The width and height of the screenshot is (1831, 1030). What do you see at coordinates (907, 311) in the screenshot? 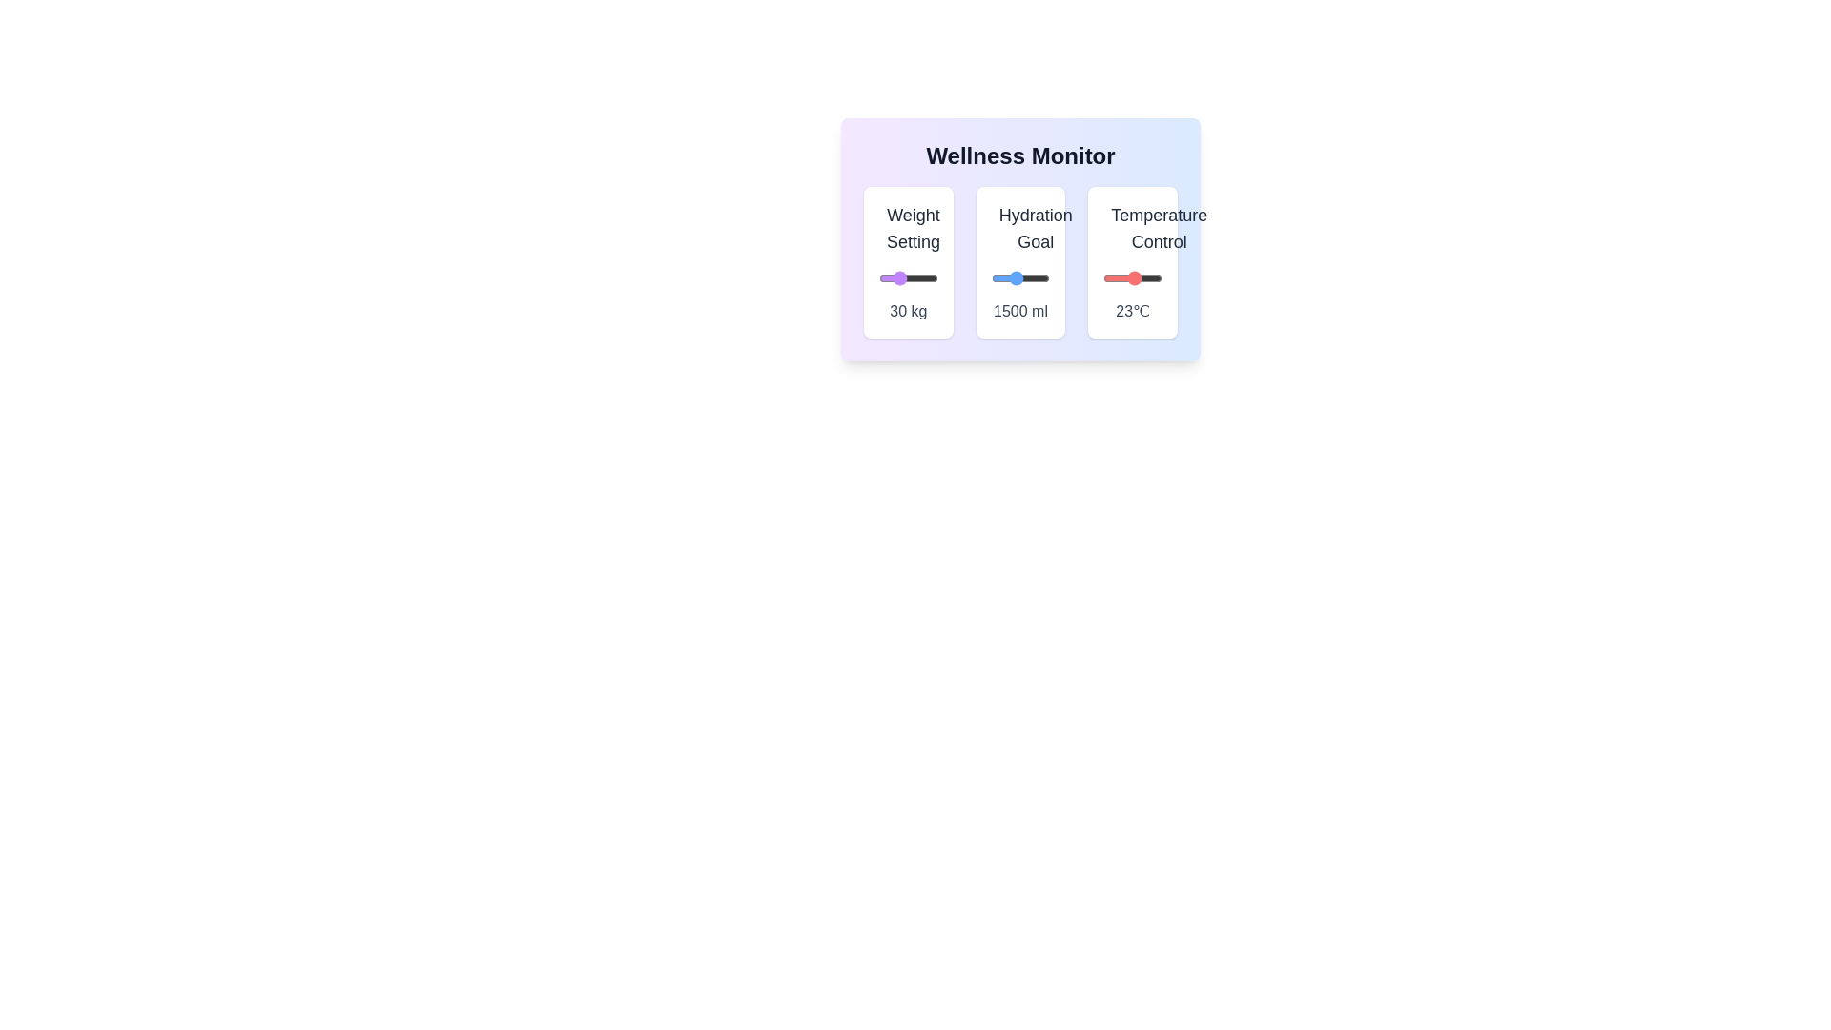
I see `the text display showing '30 kg' located below the purple slider in the 'Weight Setting' panel` at bounding box center [907, 311].